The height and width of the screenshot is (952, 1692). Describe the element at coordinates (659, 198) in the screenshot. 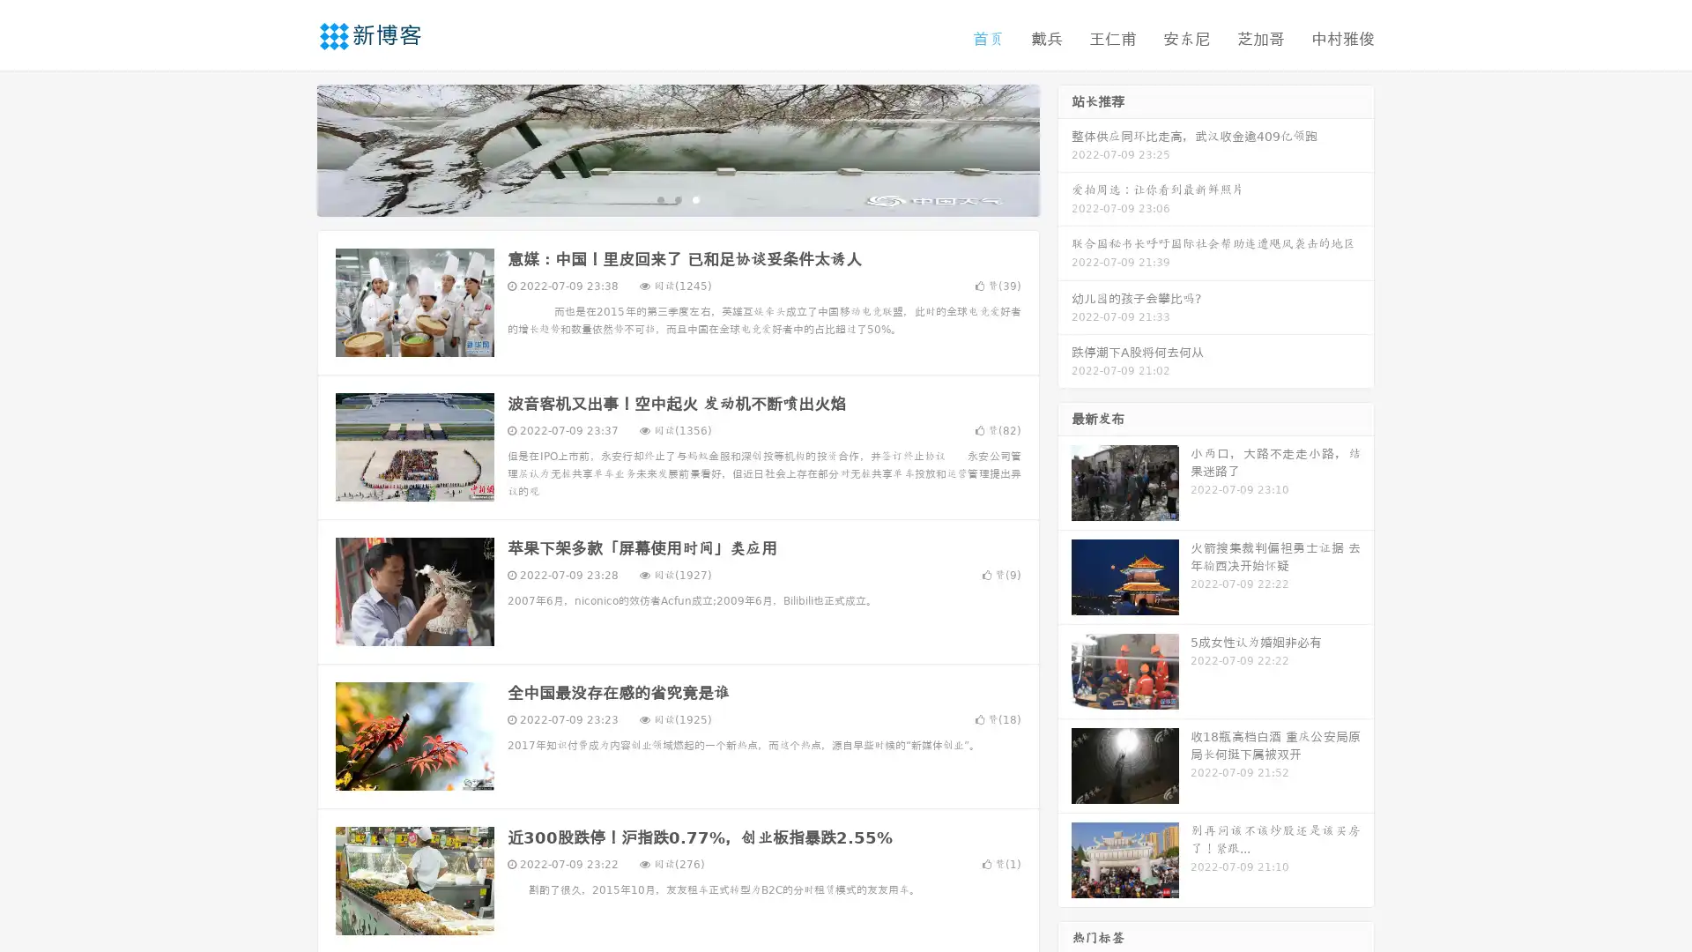

I see `Go to slide 1` at that location.